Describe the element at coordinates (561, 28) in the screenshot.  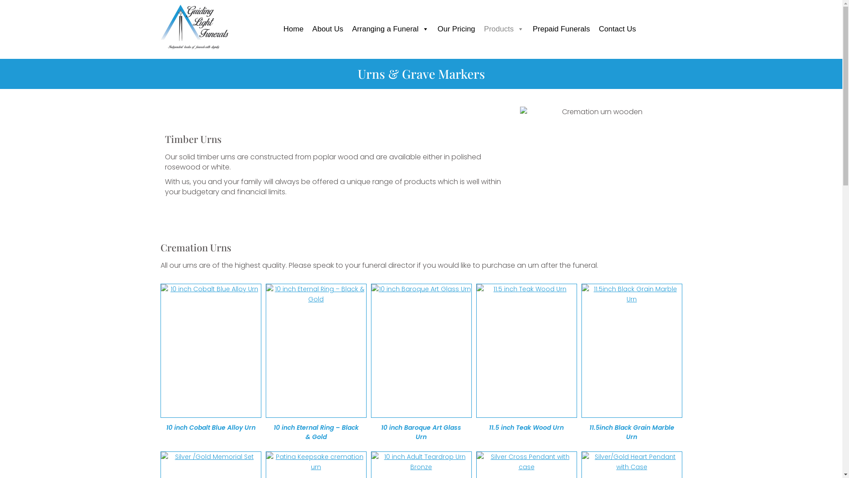
I see `'Prepaid Funerals'` at that location.